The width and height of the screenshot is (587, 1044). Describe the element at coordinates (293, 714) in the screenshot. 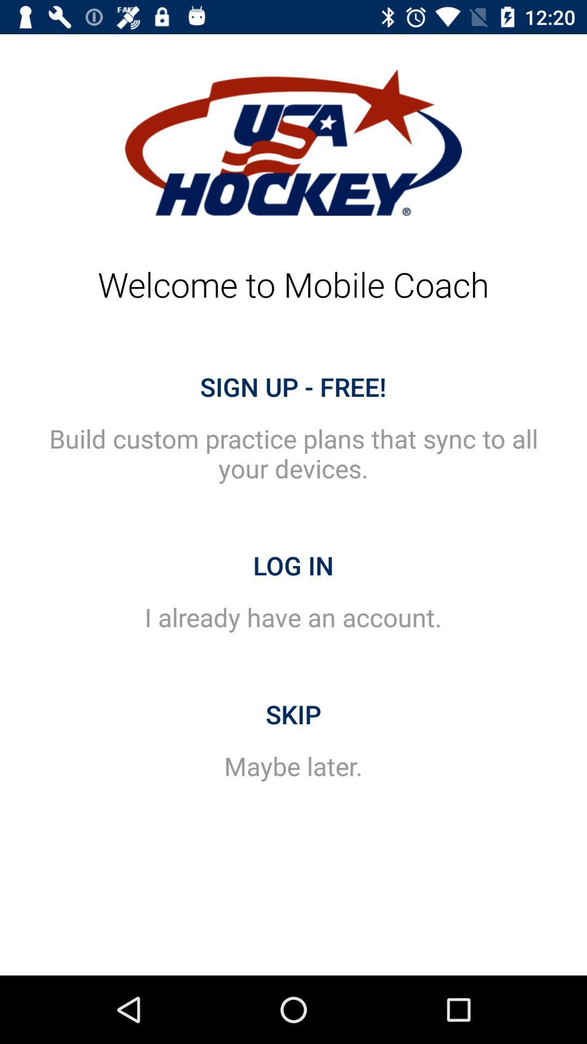

I see `the skip item` at that location.